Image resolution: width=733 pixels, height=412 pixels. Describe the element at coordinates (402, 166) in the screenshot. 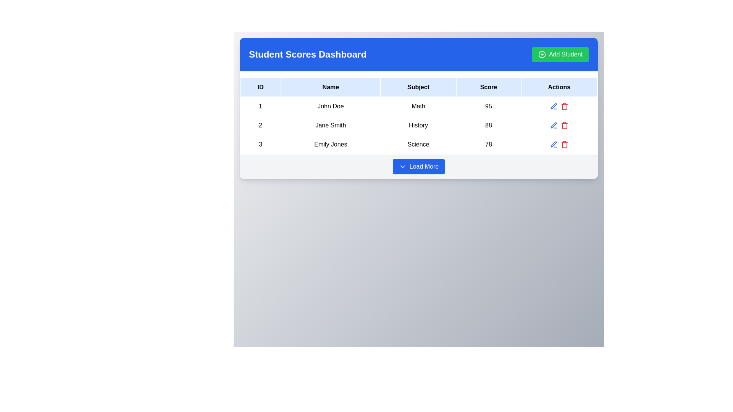

I see `the icon located to the left of the 'Load More' button, which indicates an expandable or collapsible option` at that location.